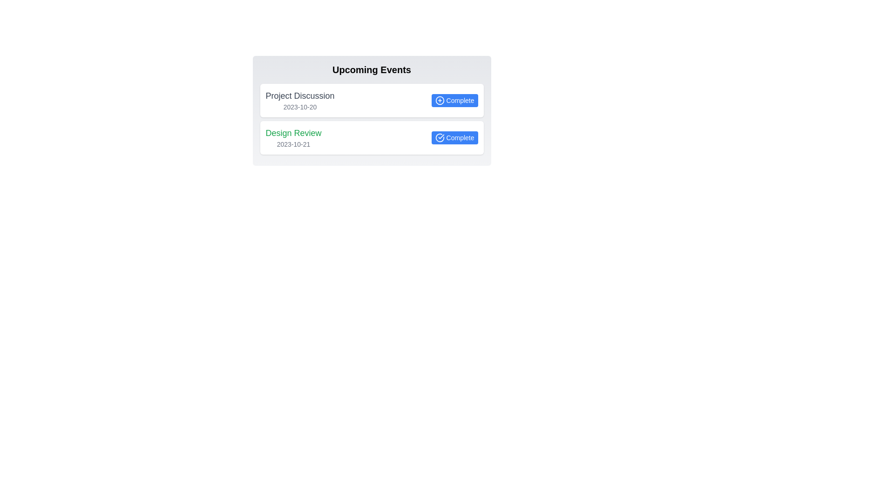  Describe the element at coordinates (454, 138) in the screenshot. I see `'Complete' button for the task titled 'Design Review'` at that location.